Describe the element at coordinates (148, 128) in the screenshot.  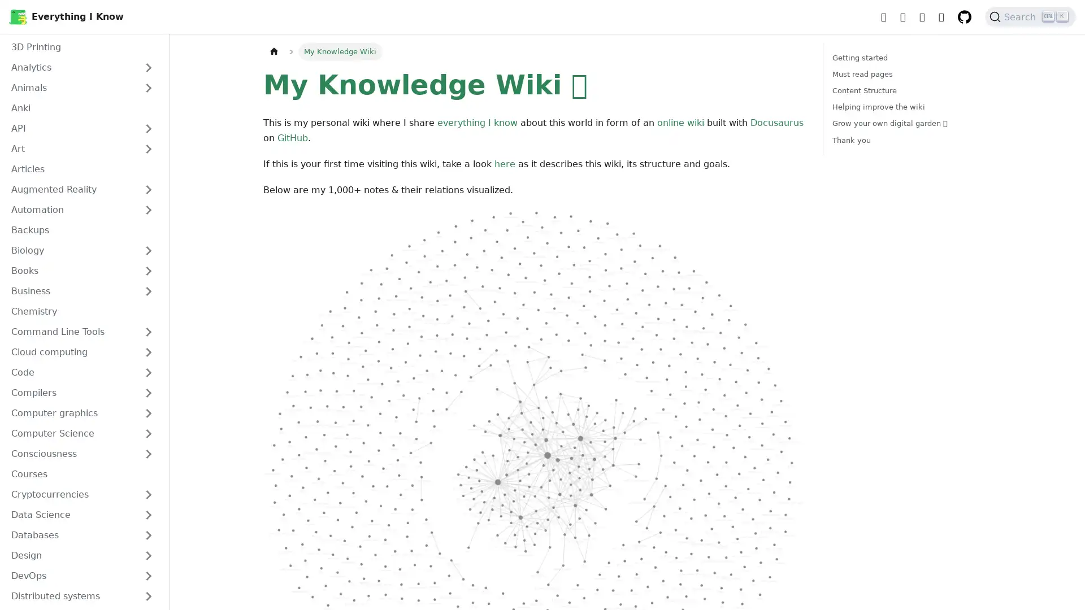
I see `Toggle the collapsible sidebar category 'API'` at that location.